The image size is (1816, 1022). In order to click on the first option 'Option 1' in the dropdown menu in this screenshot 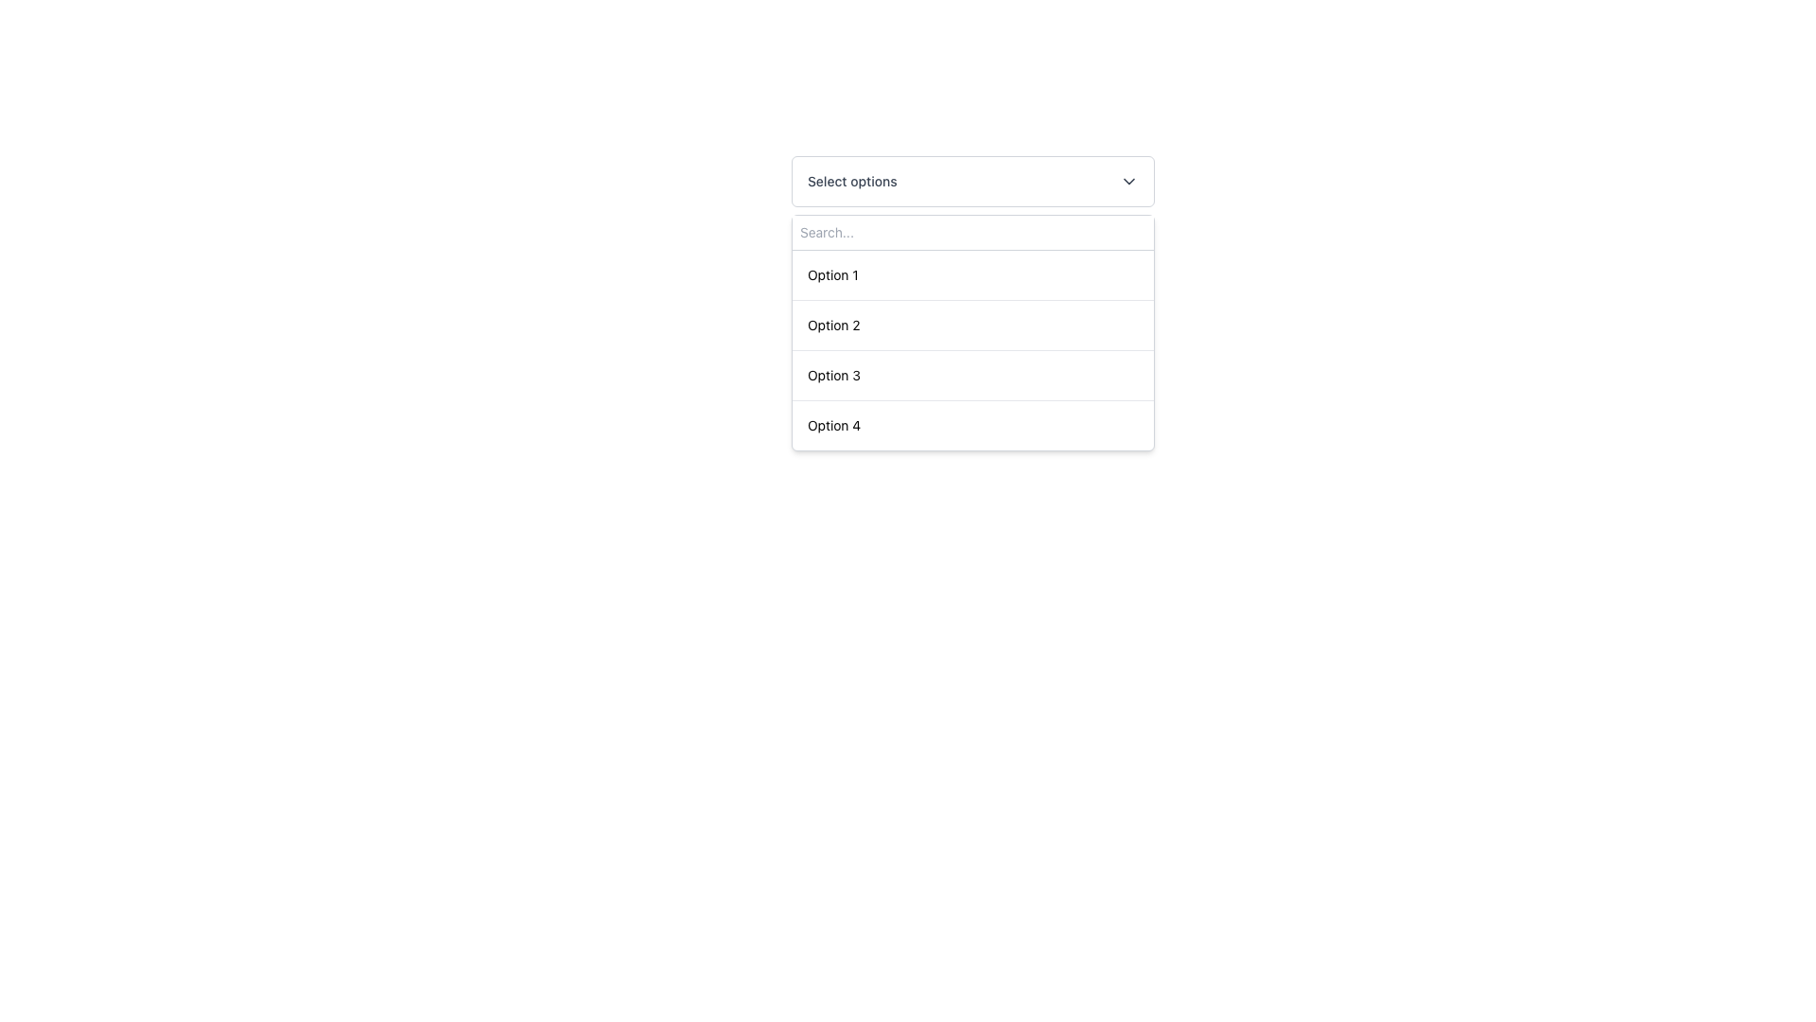, I will do `click(832, 274)`.